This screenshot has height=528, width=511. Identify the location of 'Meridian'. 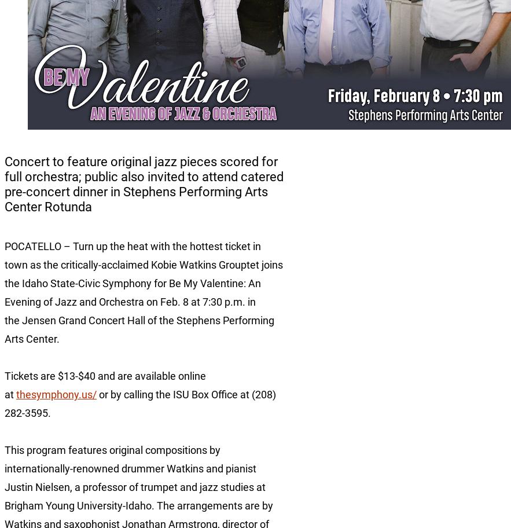
(22, 253).